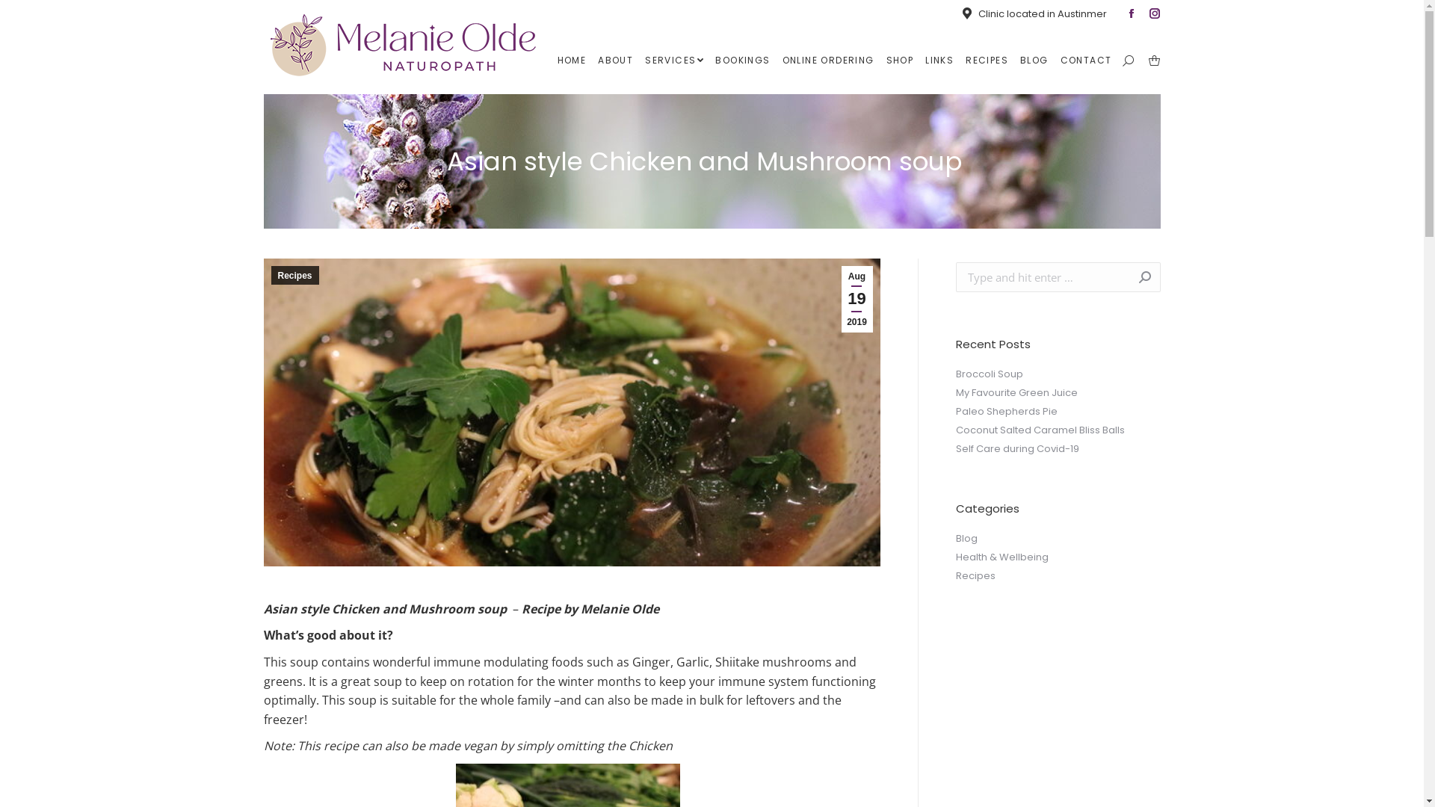  Describe the element at coordinates (842, 299) in the screenshot. I see `'Aug` at that location.